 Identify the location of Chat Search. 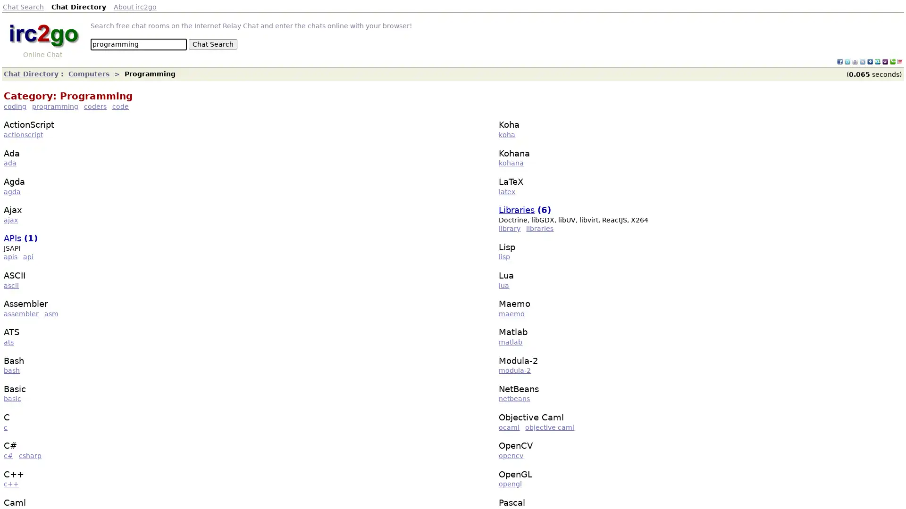
(212, 44).